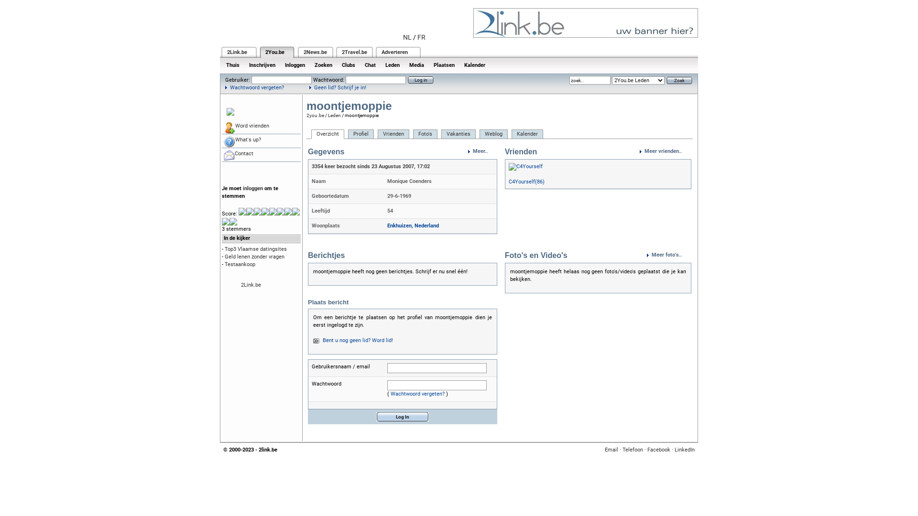  Describe the element at coordinates (684, 450) in the screenshot. I see `'LinkedIn'` at that location.